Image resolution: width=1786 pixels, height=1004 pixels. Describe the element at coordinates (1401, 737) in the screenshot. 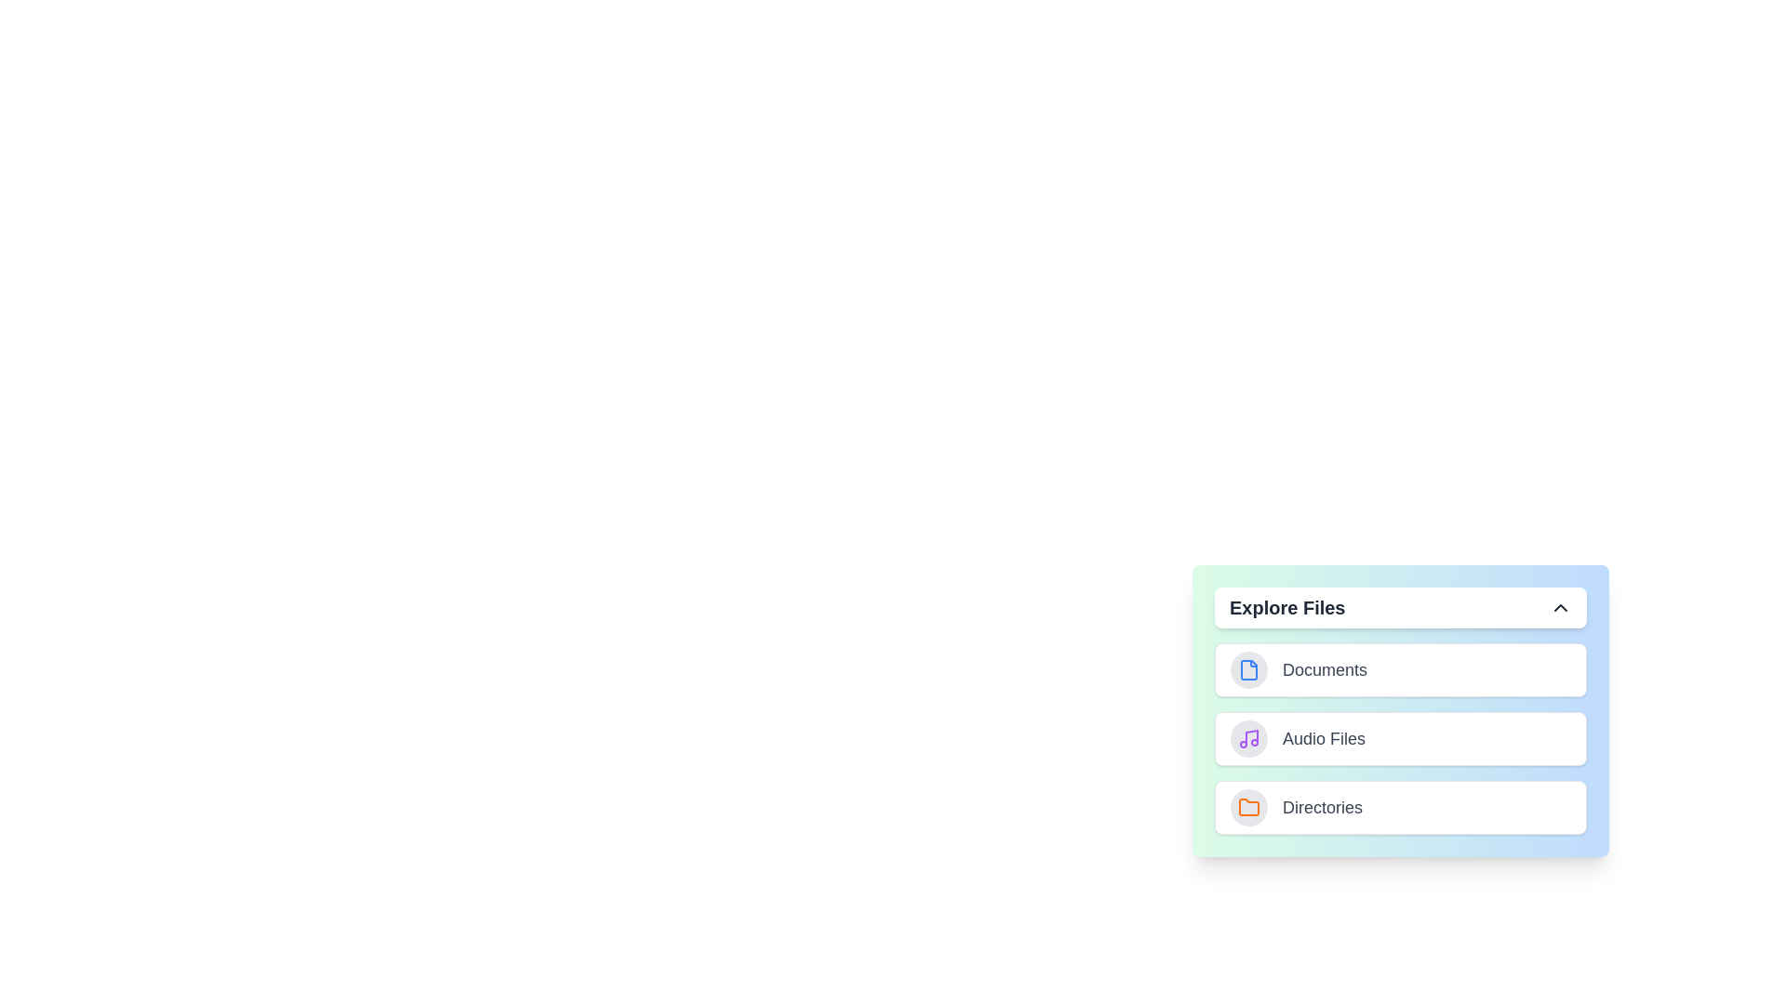

I see `the 'Audio Files' category in the menu` at that location.